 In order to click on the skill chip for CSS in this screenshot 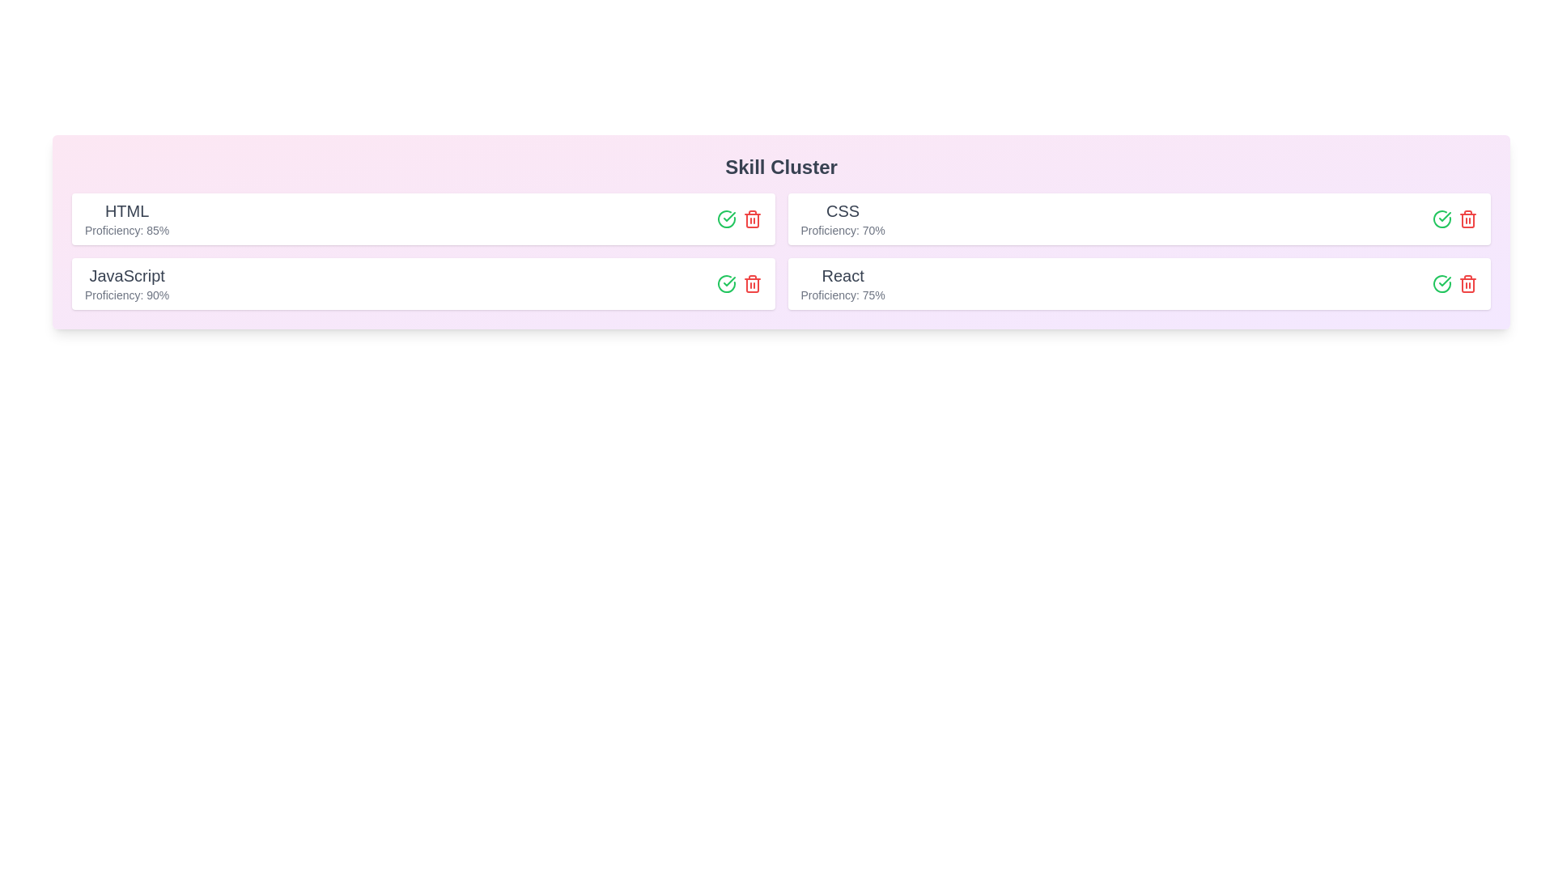, I will do `click(1138, 218)`.